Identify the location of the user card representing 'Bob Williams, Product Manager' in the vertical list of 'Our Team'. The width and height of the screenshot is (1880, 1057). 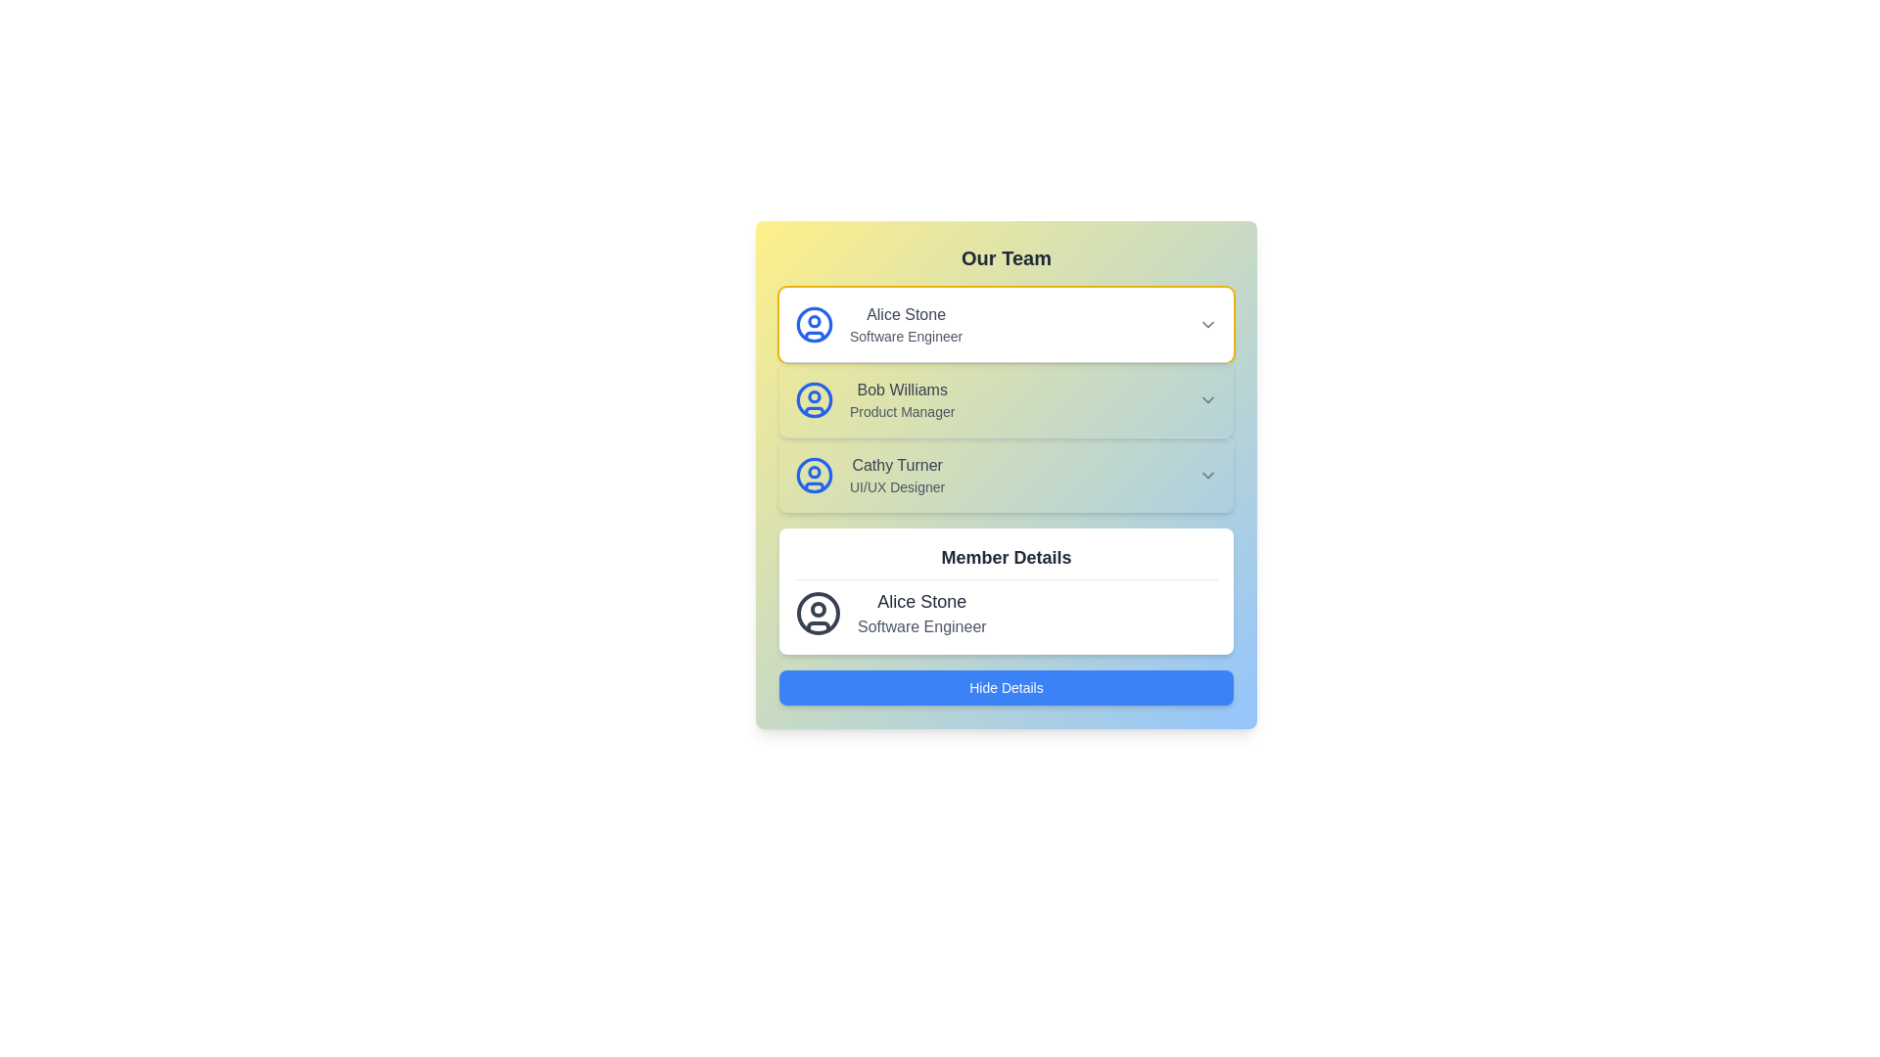
(1006, 398).